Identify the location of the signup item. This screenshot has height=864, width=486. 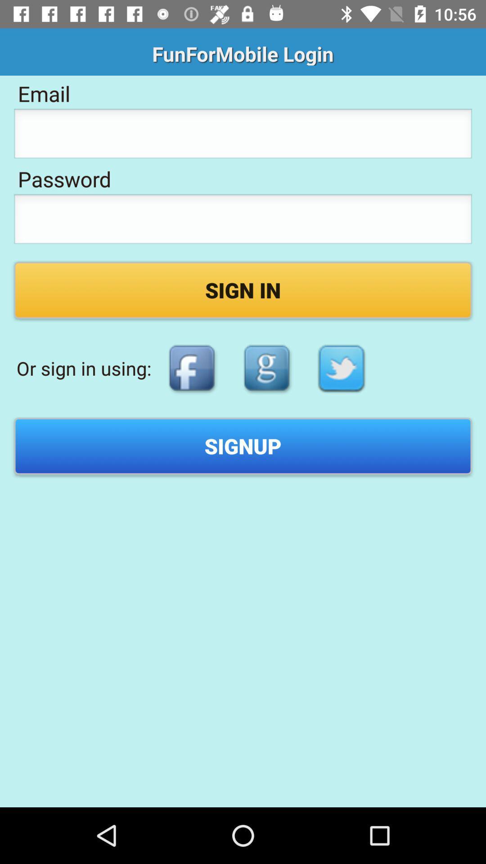
(243, 446).